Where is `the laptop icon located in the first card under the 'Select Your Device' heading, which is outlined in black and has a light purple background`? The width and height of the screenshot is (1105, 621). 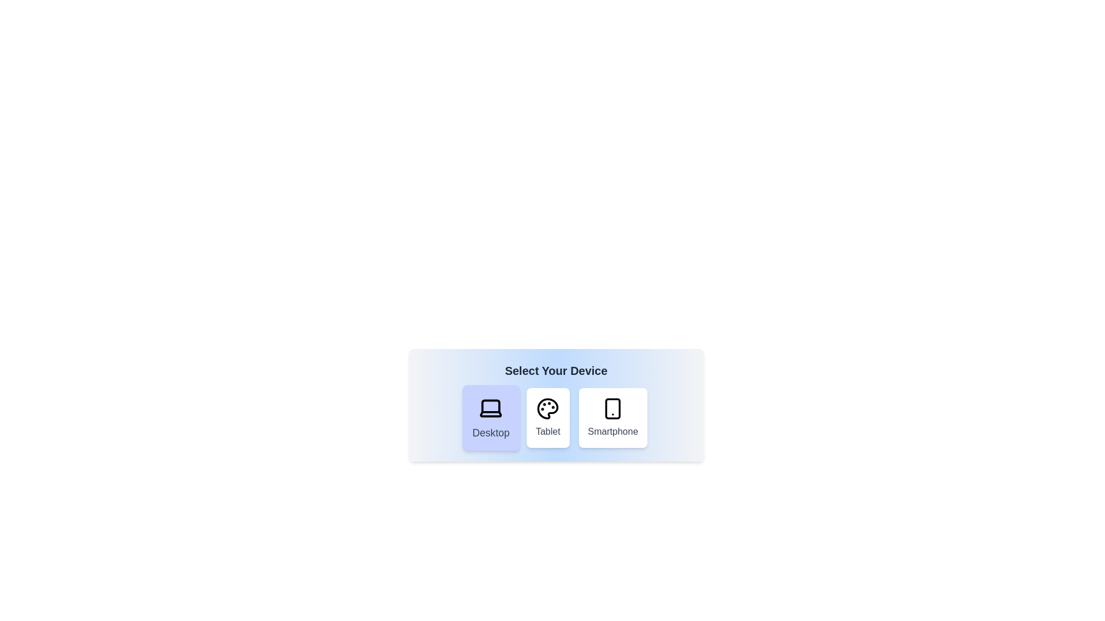
the laptop icon located in the first card under the 'Select Your Device' heading, which is outlined in black and has a light purple background is located at coordinates (491, 407).